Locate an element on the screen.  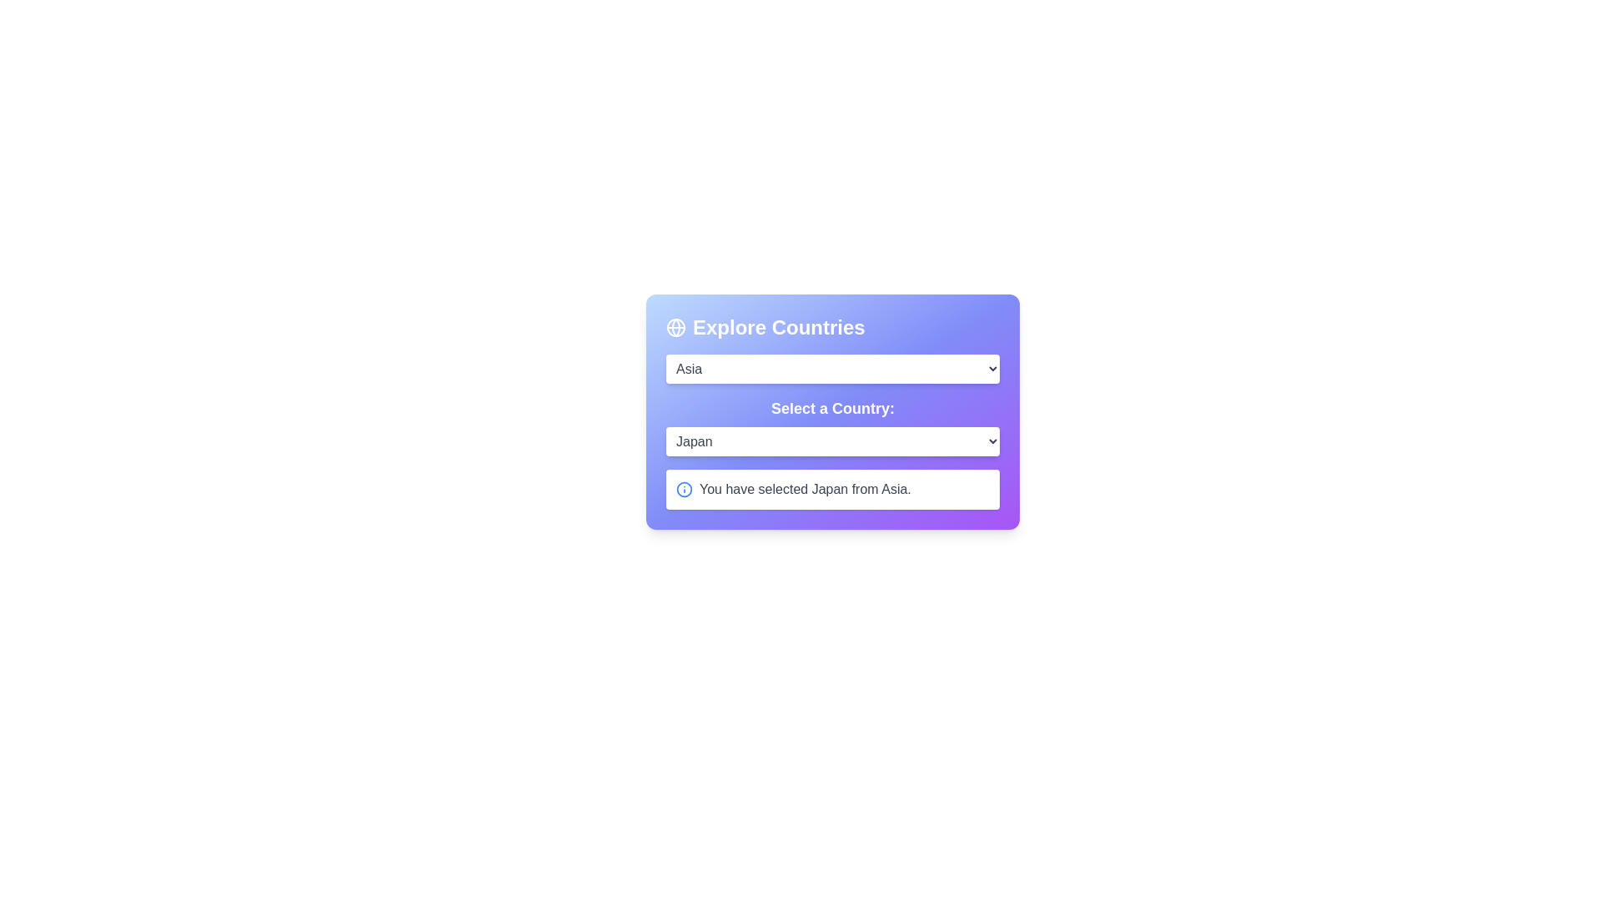
the country Japan from the dropdown menu is located at coordinates (832, 440).